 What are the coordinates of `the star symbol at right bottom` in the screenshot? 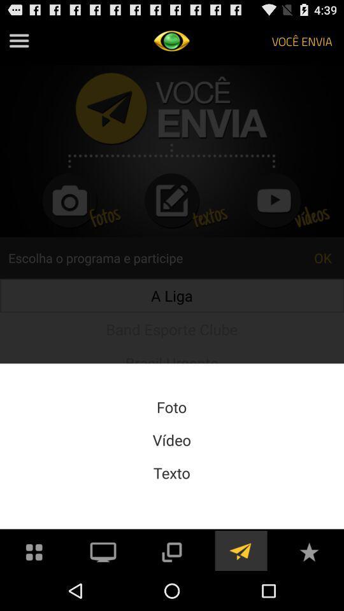 It's located at (309, 550).